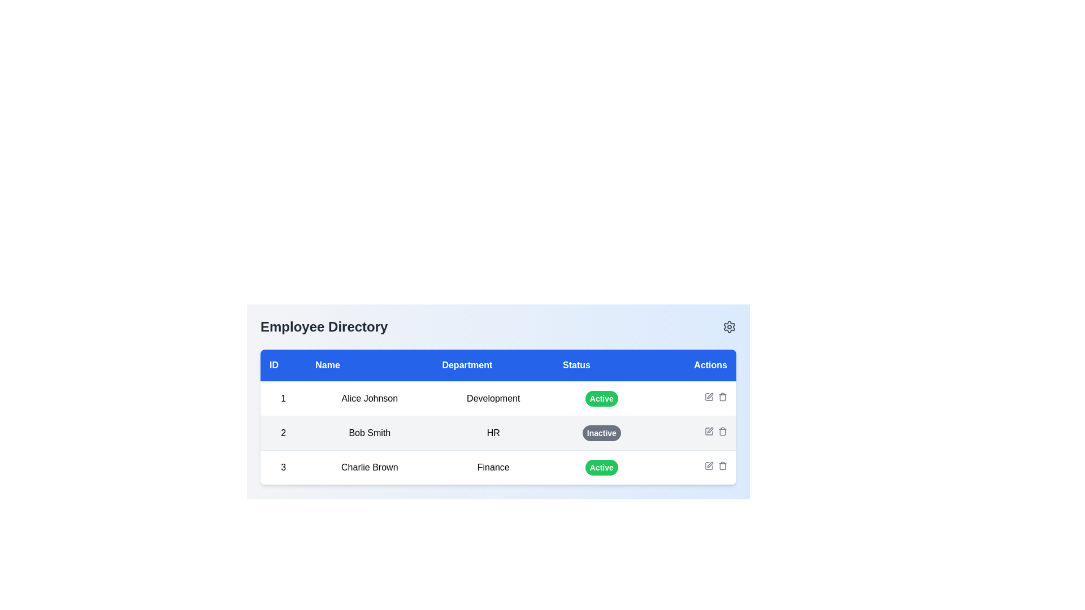  Describe the element at coordinates (601, 398) in the screenshot. I see `the Status indicator element labeled 'Active', which is a pill-shaped label with a green background and white bold text, located in the first row of the employee table` at that location.